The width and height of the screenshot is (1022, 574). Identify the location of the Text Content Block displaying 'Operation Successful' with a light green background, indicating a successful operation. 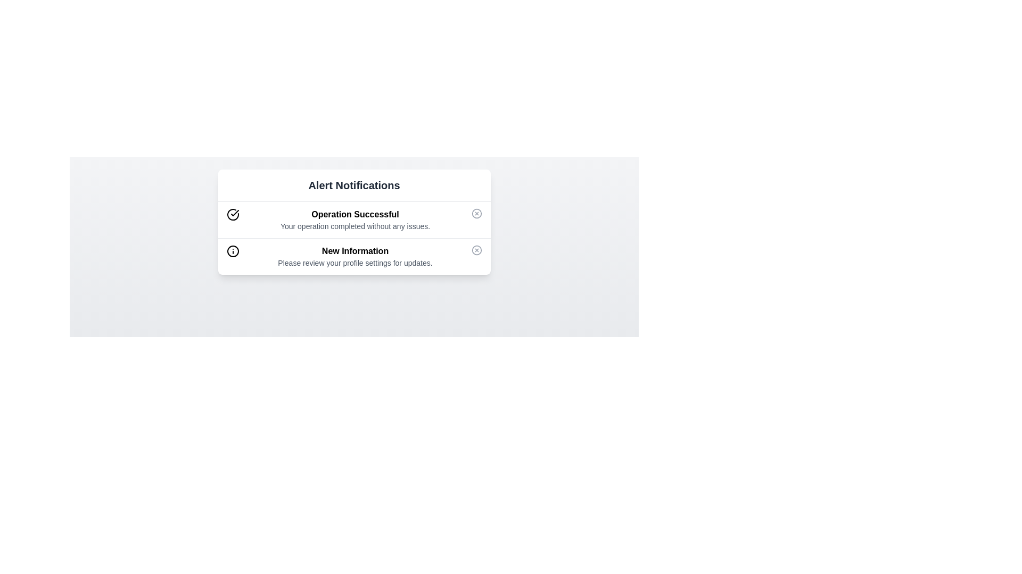
(355, 219).